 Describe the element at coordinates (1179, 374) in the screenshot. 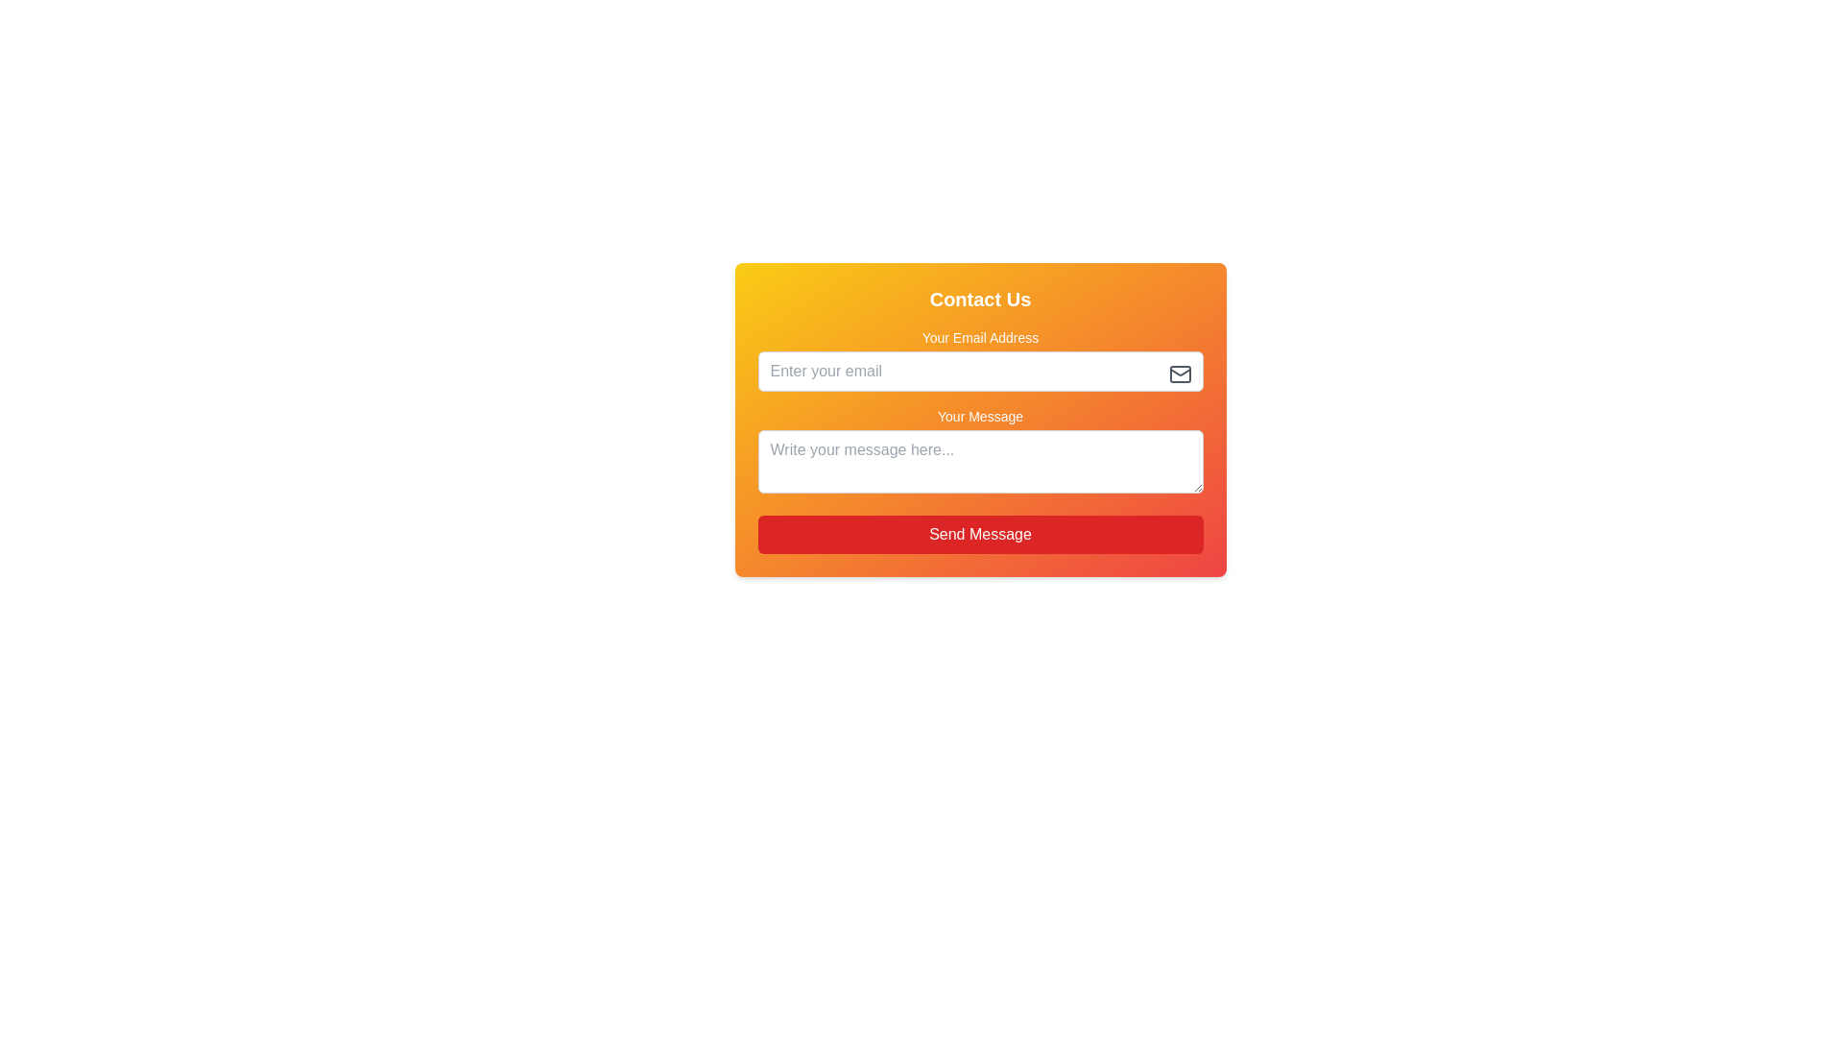

I see `the email address icon located at the top-right corner of the 'Your Email Address' input field in the contact form interface` at that location.